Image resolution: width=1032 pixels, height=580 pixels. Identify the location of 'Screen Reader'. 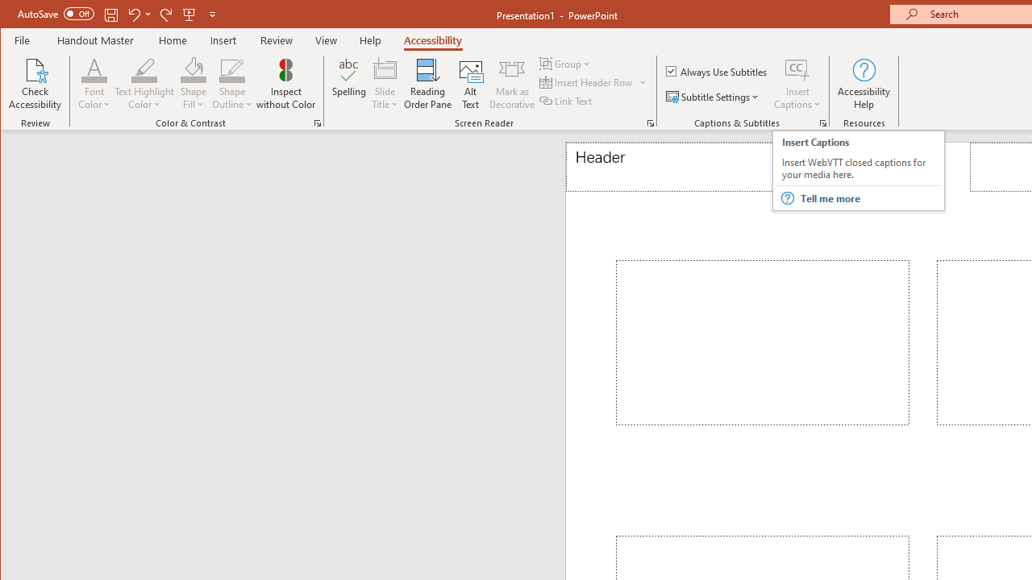
(651, 122).